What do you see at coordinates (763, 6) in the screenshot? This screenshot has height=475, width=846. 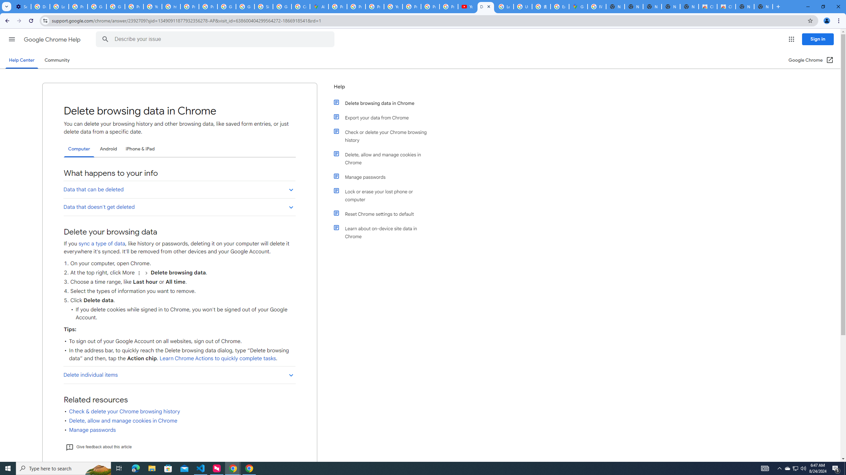 I see `'New Tab'` at bounding box center [763, 6].